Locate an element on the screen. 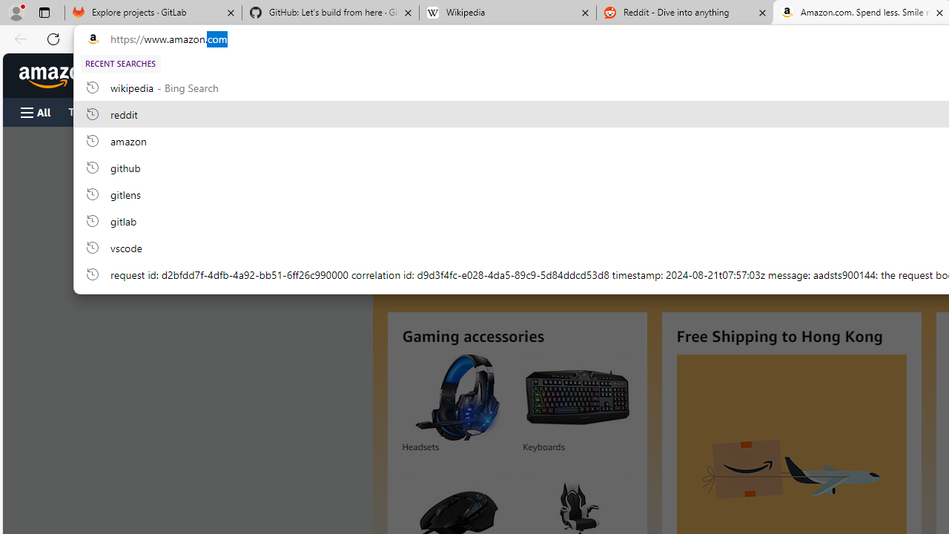 The height and width of the screenshot is (534, 949). 'Headsets' is located at coordinates (456, 397).